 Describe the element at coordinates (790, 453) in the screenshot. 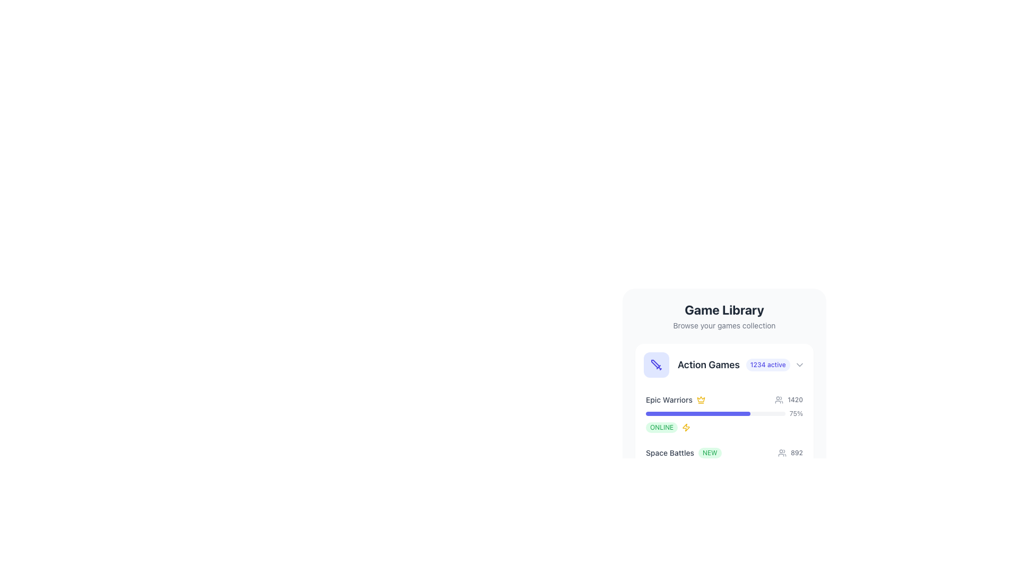

I see `the text label displaying the number '892' located in the 'Space Battles' section of the 'Action Games' card, which is positioned to the right of a gray icon resembling a group of people` at that location.